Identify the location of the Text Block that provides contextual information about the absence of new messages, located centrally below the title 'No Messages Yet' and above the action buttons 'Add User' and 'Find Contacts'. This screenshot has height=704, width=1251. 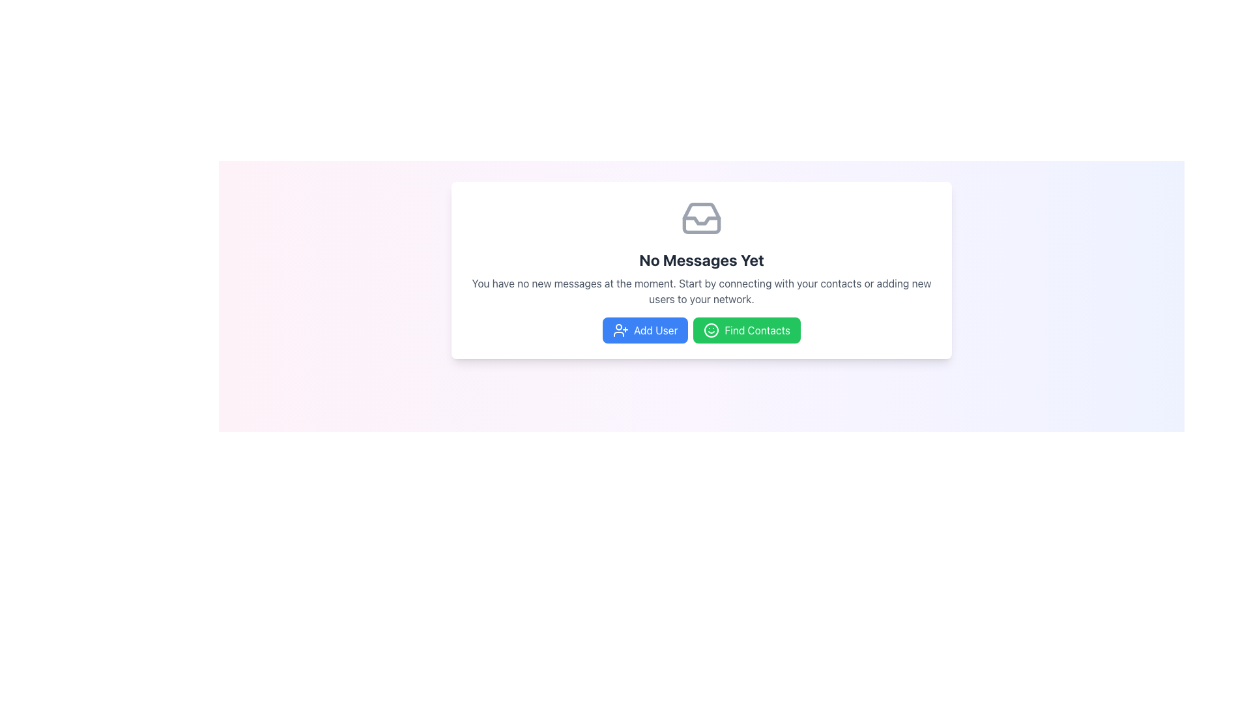
(700, 291).